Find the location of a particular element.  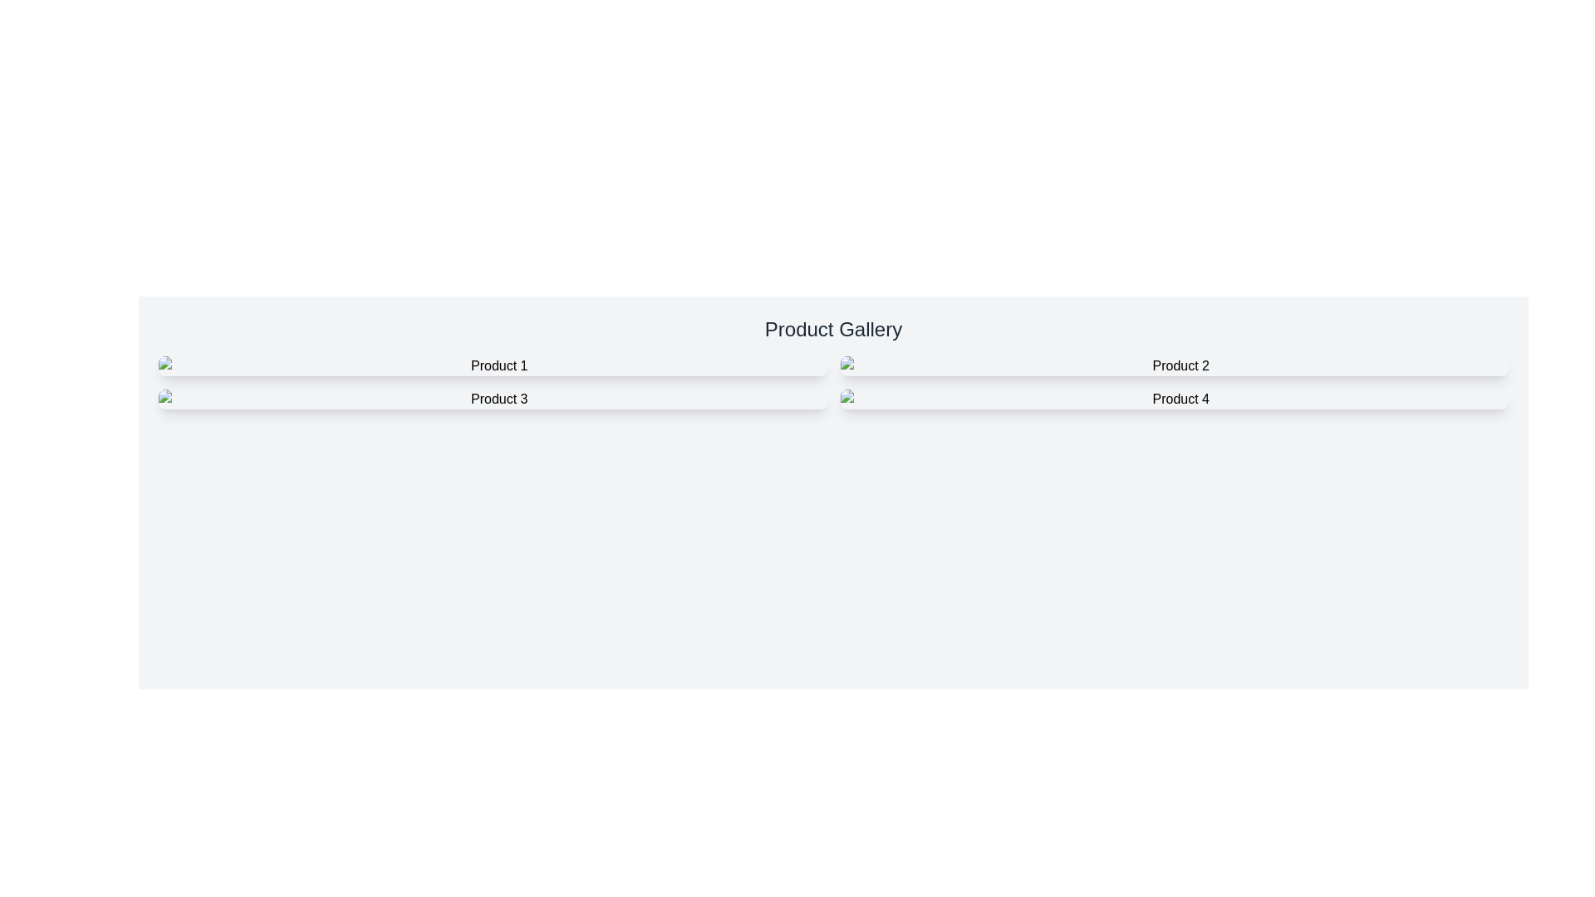

the second item in the first row of the 'Product Gallery' grid, which contains an image and text is located at coordinates (1173, 365).